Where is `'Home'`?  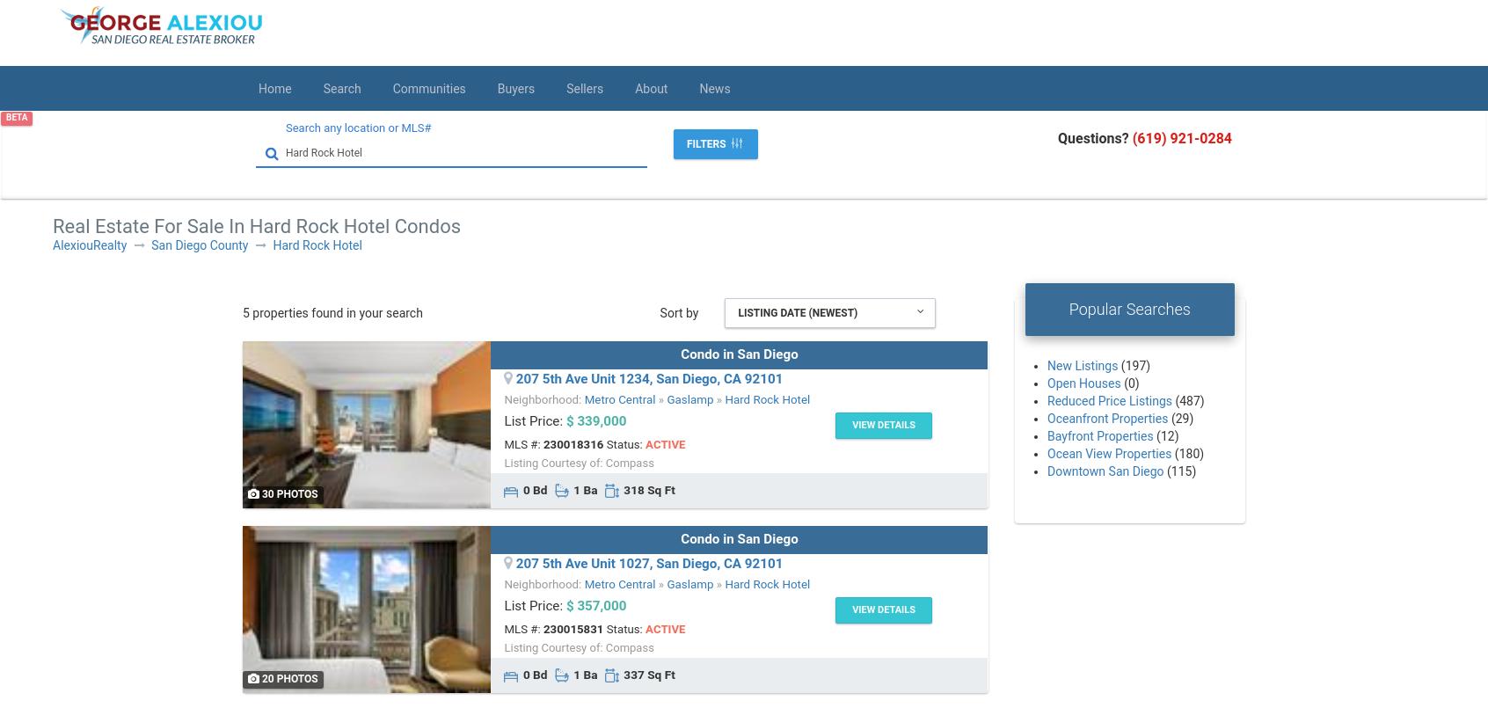 'Home' is located at coordinates (274, 88).